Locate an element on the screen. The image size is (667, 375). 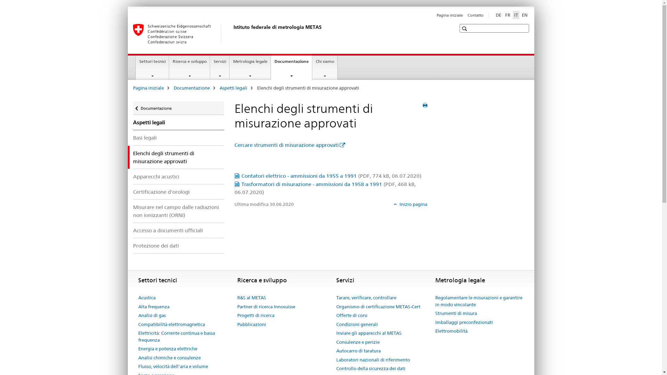
'Condizioni generali' is located at coordinates (357, 324).